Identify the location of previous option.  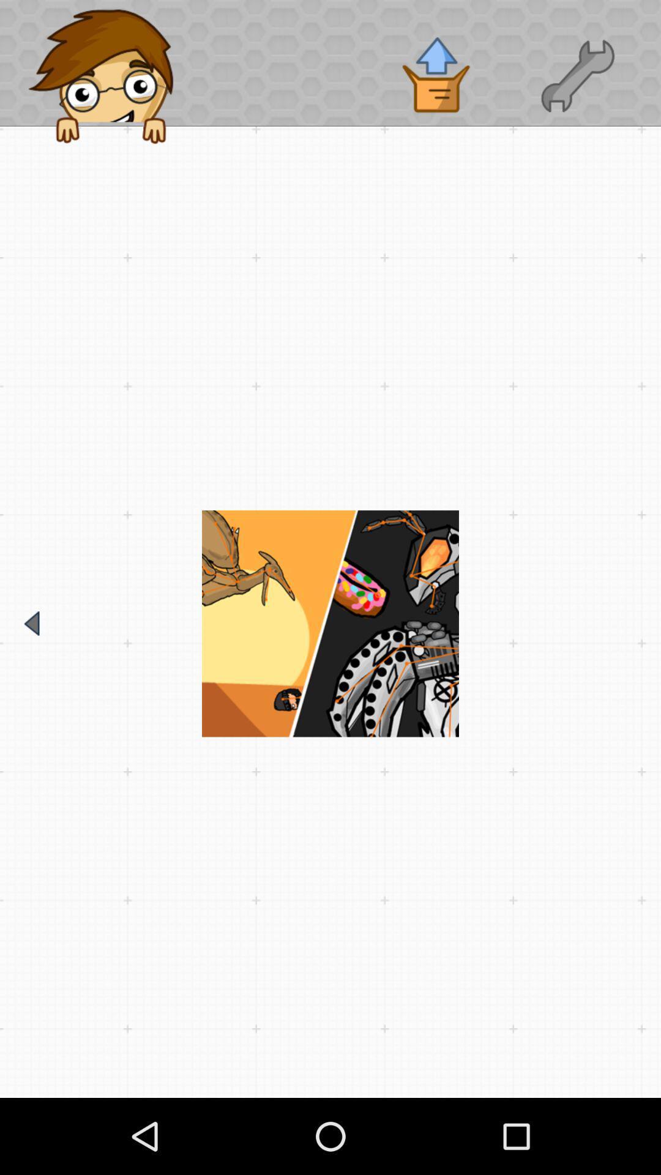
(31, 623).